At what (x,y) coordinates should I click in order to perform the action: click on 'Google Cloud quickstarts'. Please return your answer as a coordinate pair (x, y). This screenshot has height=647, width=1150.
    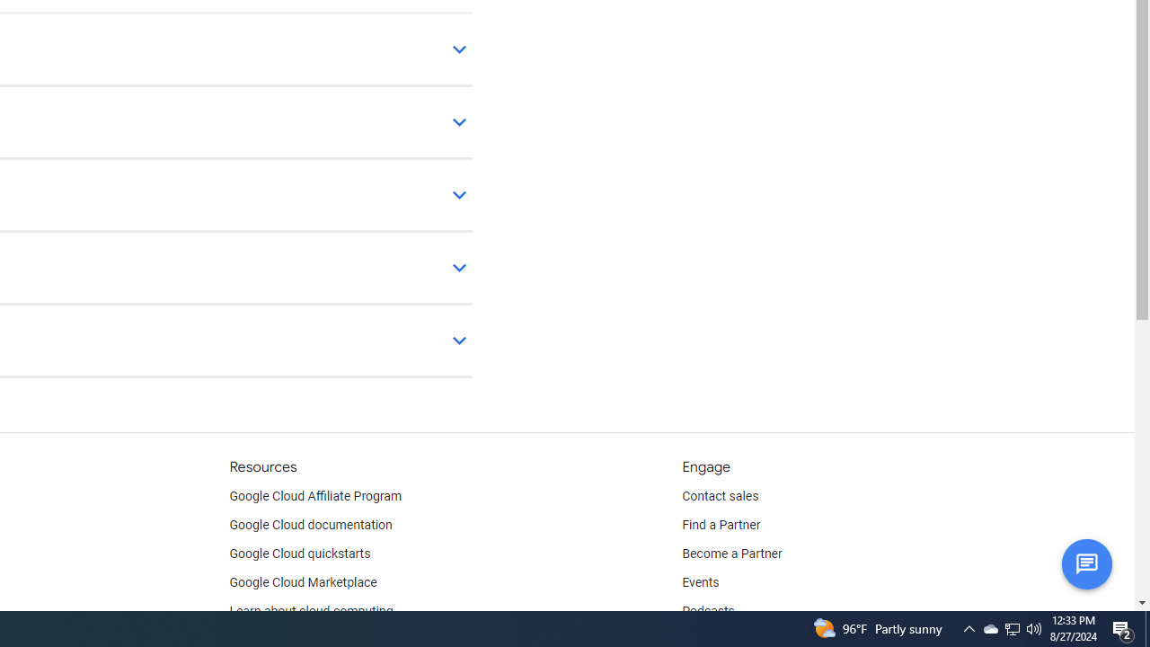
    Looking at the image, I should click on (300, 554).